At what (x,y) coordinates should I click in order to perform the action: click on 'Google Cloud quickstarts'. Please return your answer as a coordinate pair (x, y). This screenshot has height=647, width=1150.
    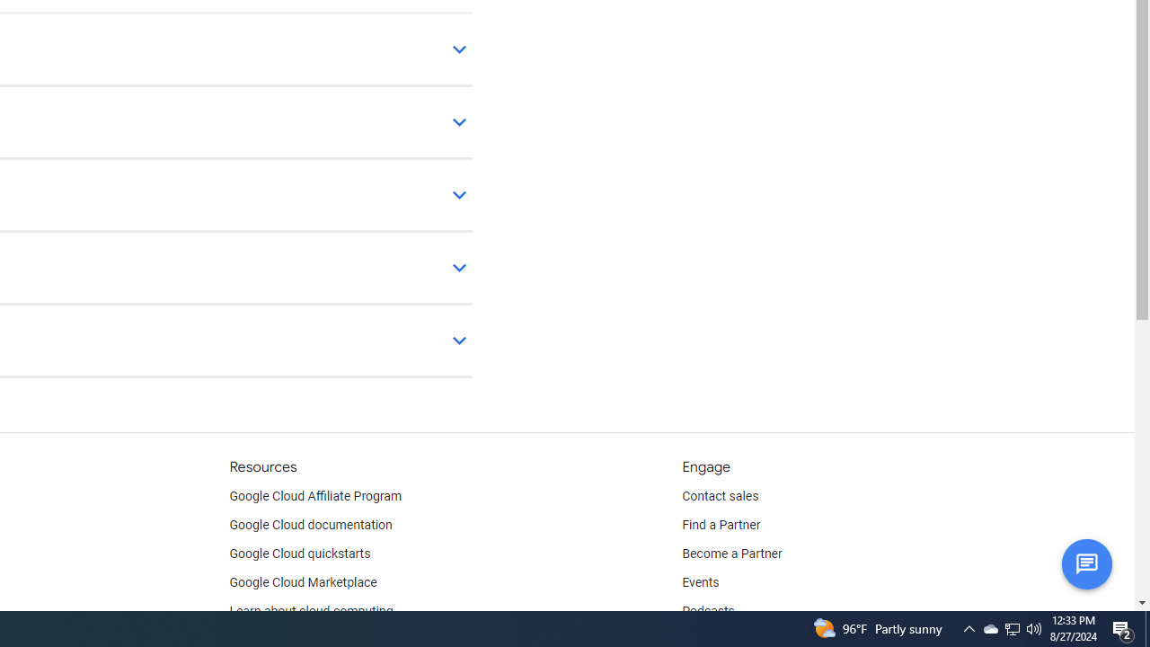
    Looking at the image, I should click on (300, 554).